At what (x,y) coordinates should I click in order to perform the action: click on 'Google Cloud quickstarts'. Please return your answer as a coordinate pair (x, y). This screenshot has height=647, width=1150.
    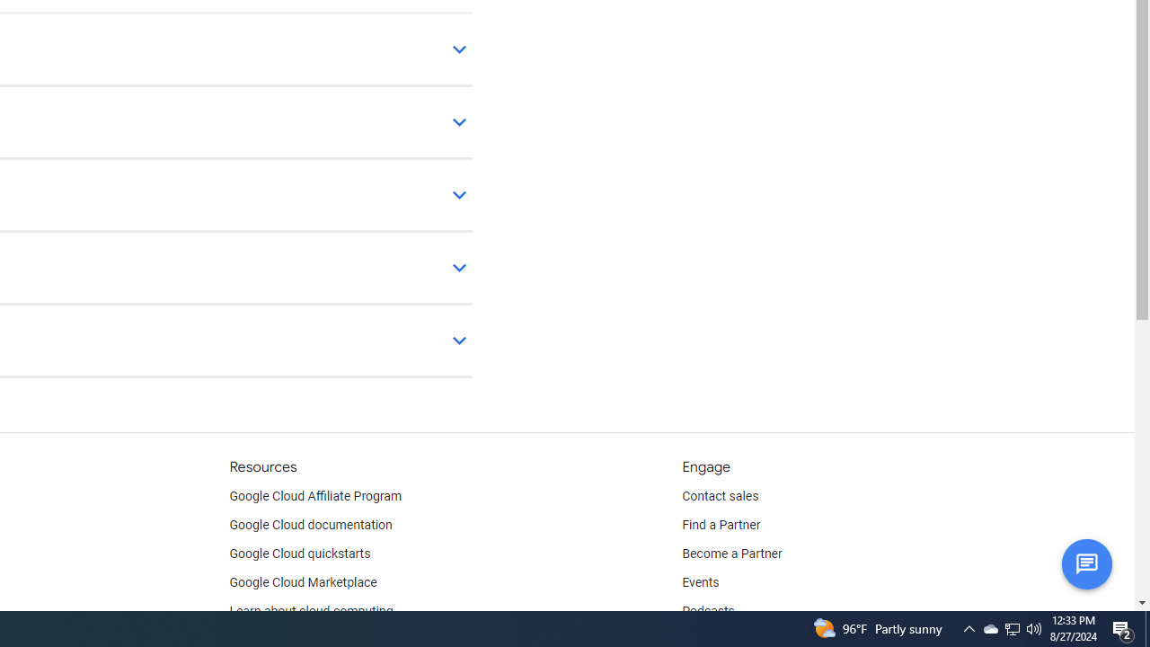
    Looking at the image, I should click on (300, 554).